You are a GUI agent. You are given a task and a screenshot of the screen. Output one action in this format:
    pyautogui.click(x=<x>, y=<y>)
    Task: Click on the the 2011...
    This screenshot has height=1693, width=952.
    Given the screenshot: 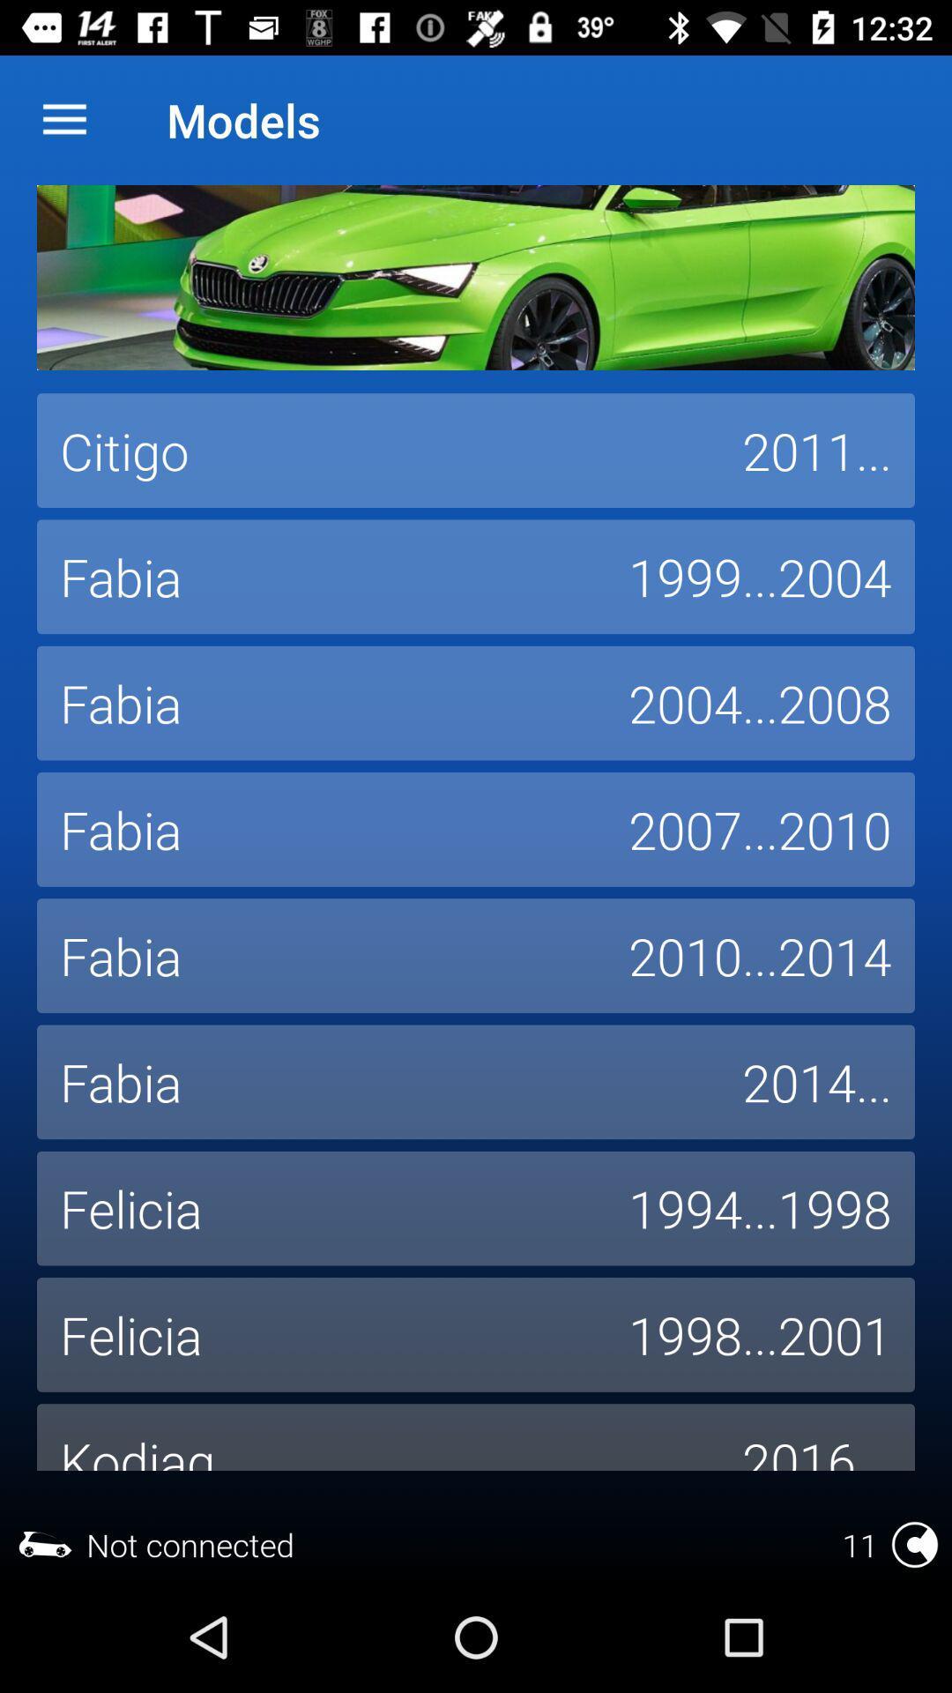 What is the action you would take?
    pyautogui.click(x=816, y=451)
    